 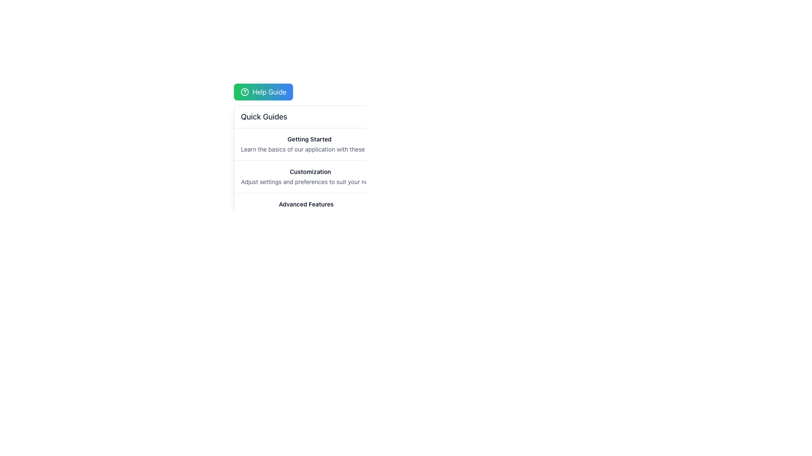 I want to click on the informational item titled 'Customization' that provides settings adjustment guidance, located in the list under 'Quick Guides', so click(x=314, y=176).